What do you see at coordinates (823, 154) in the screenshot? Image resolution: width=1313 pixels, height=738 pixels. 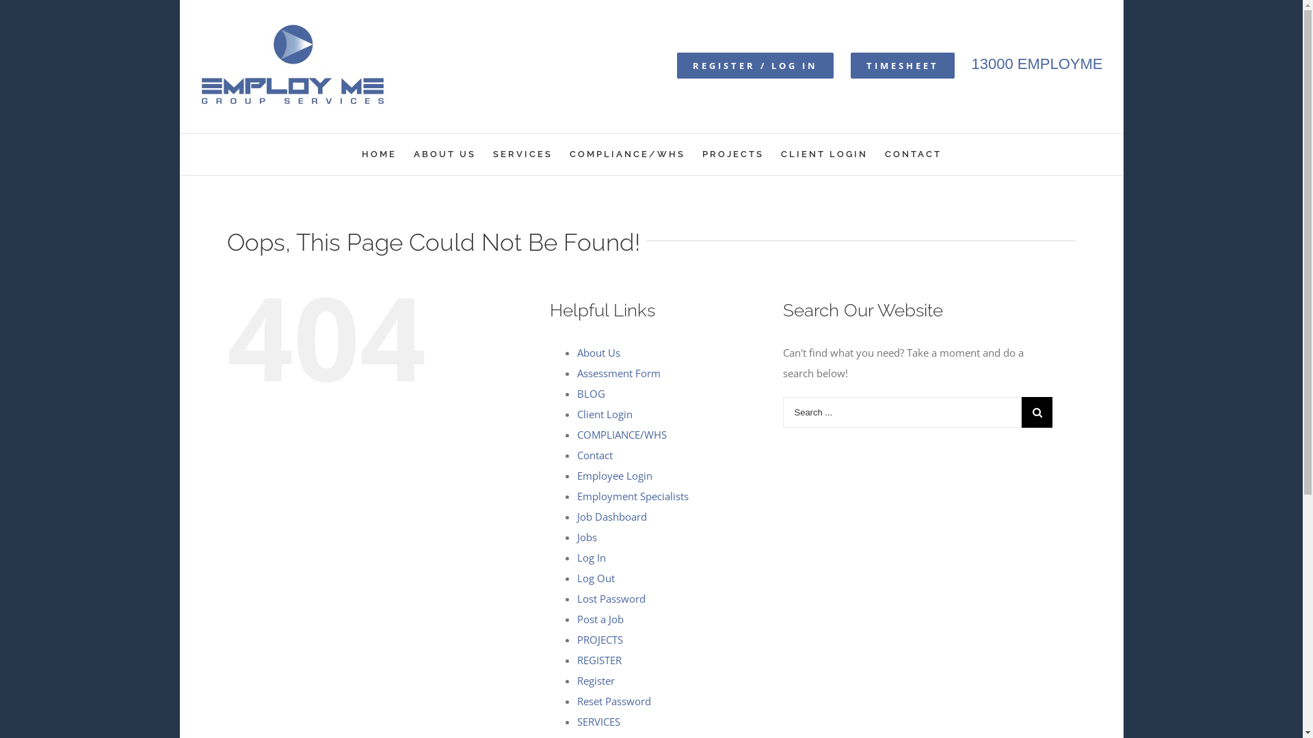 I see `'CLIENT LOGIN'` at bounding box center [823, 154].